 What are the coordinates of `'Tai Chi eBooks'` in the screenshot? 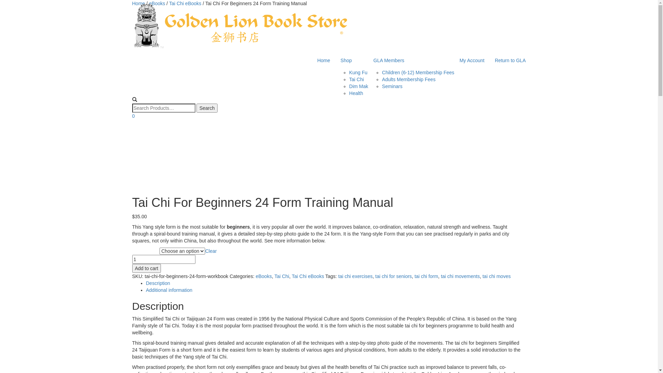 It's located at (307, 276).